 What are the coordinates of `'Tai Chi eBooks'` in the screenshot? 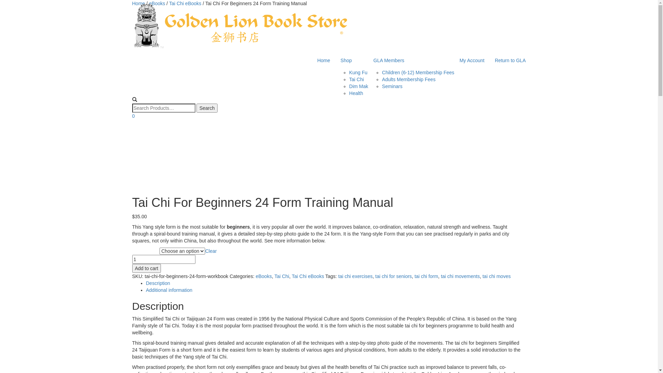 It's located at (307, 276).